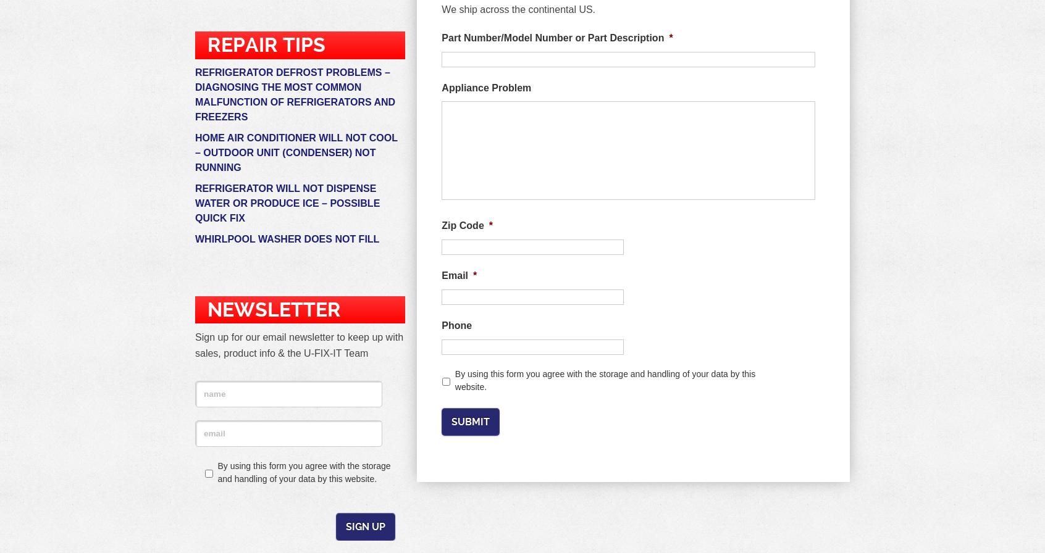 The image size is (1045, 553). Describe the element at coordinates (518, 9) in the screenshot. I see `'We ship across the continental US.'` at that location.